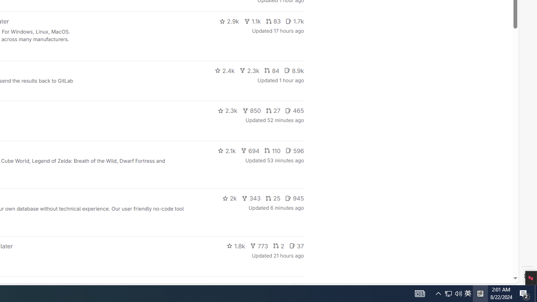  Describe the element at coordinates (296, 245) in the screenshot. I see `'37'` at that location.